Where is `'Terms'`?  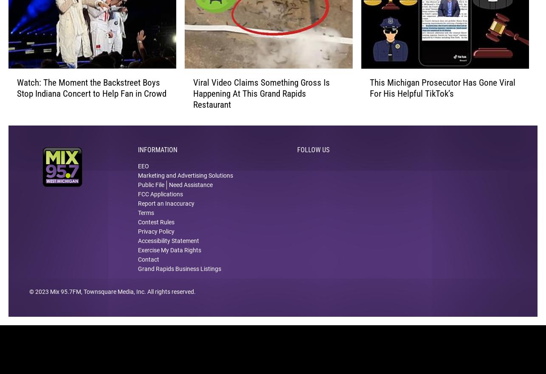
'Terms' is located at coordinates (146, 223).